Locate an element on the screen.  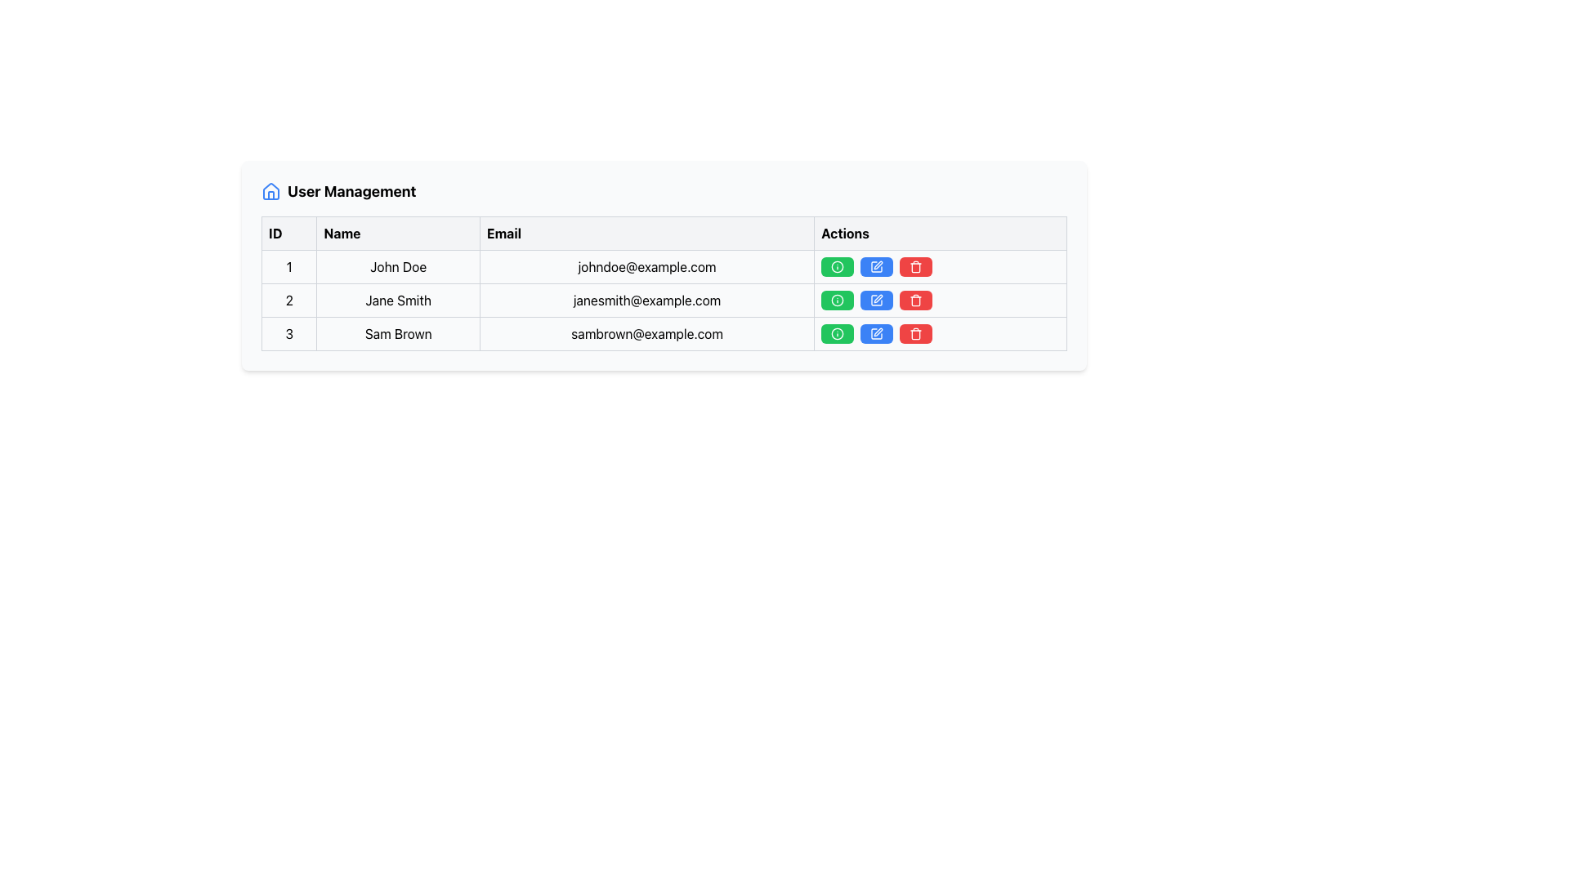
the informational text displaying the email address for the user in the third row of the table, under the 'Email' column, next to 'Sam Brown' is located at coordinates (646, 332).